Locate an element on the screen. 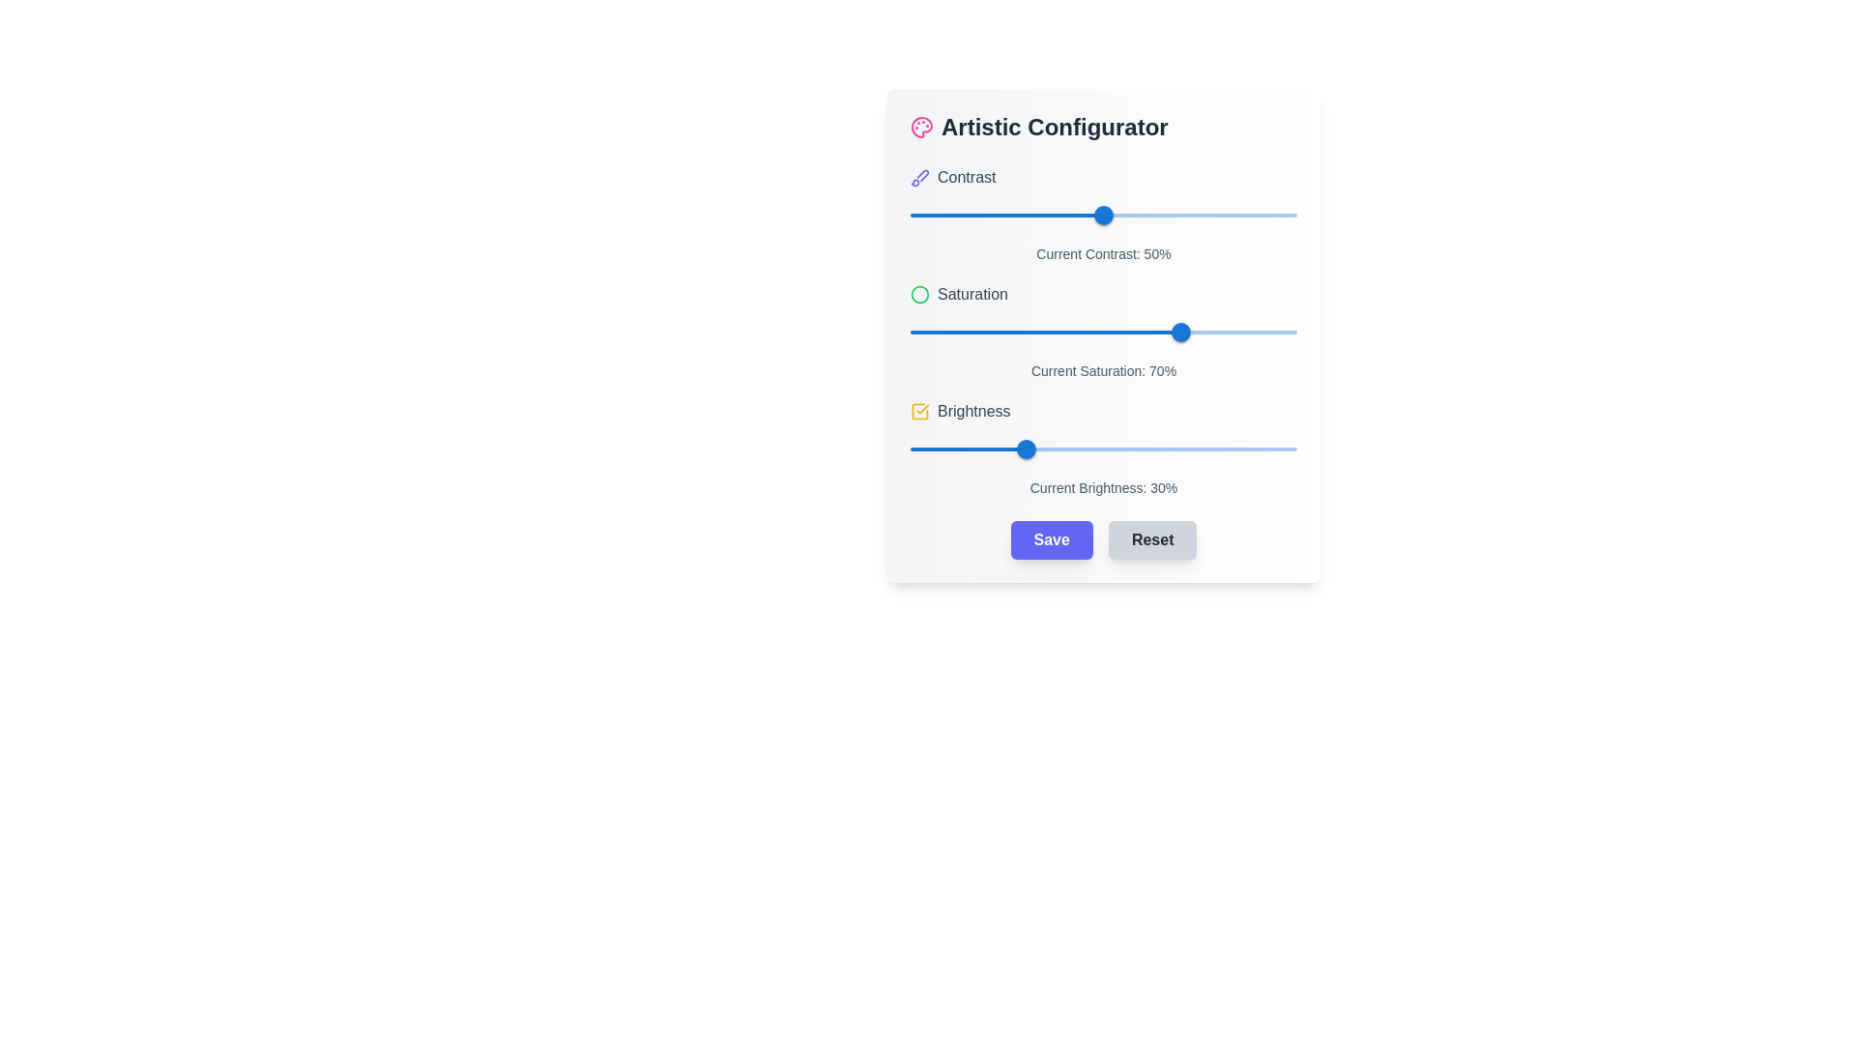 Image resolution: width=1856 pixels, height=1044 pixels. the brightness is located at coordinates (1085, 449).